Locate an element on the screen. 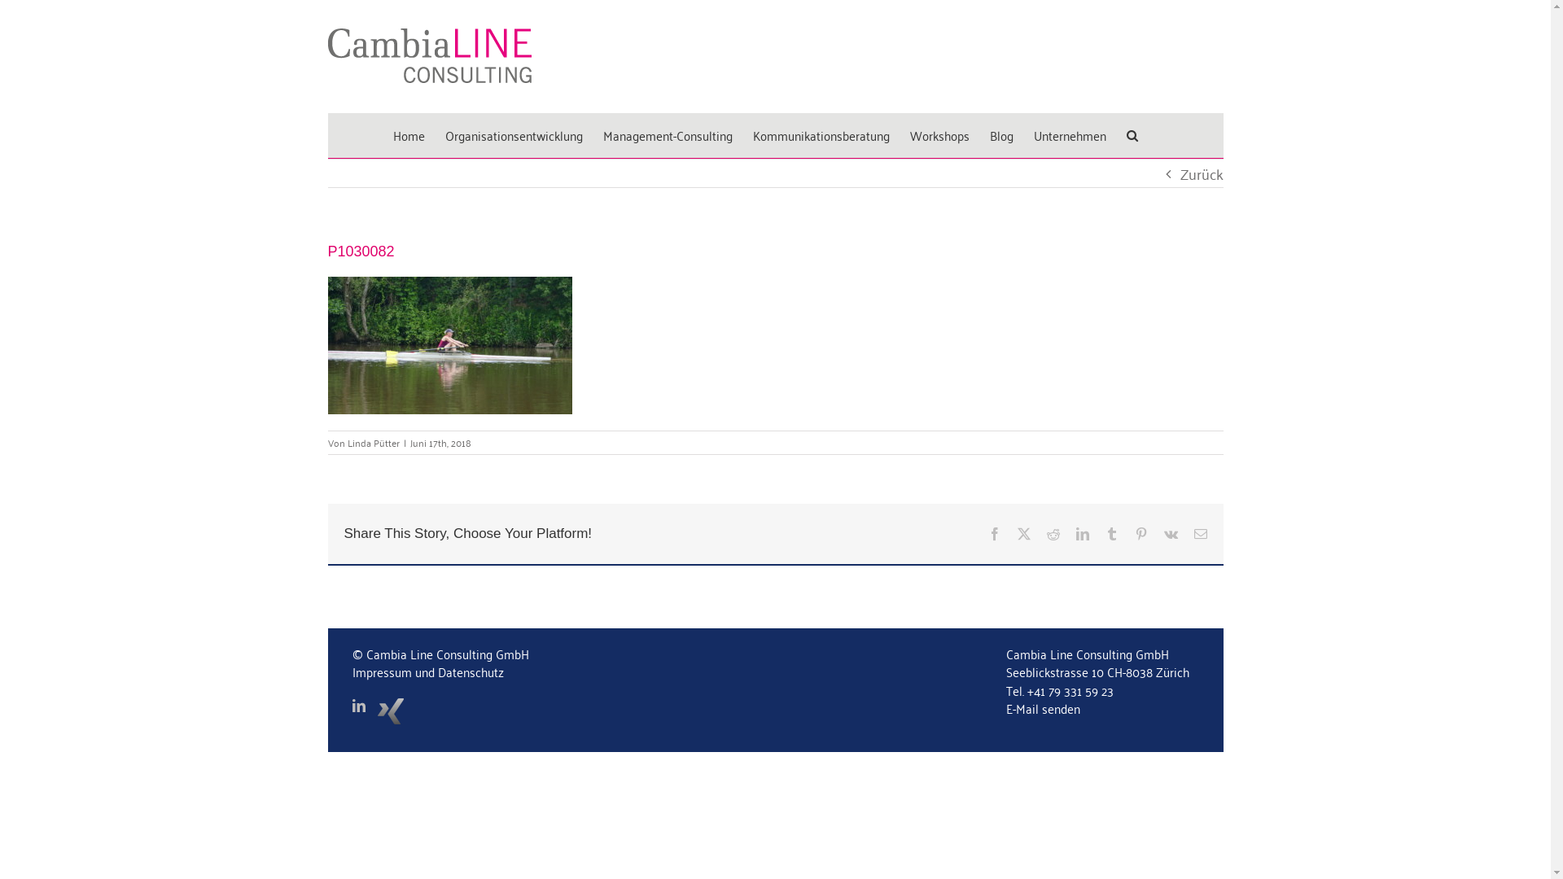 The width and height of the screenshot is (1563, 879). 'Facebook' is located at coordinates (994, 533).